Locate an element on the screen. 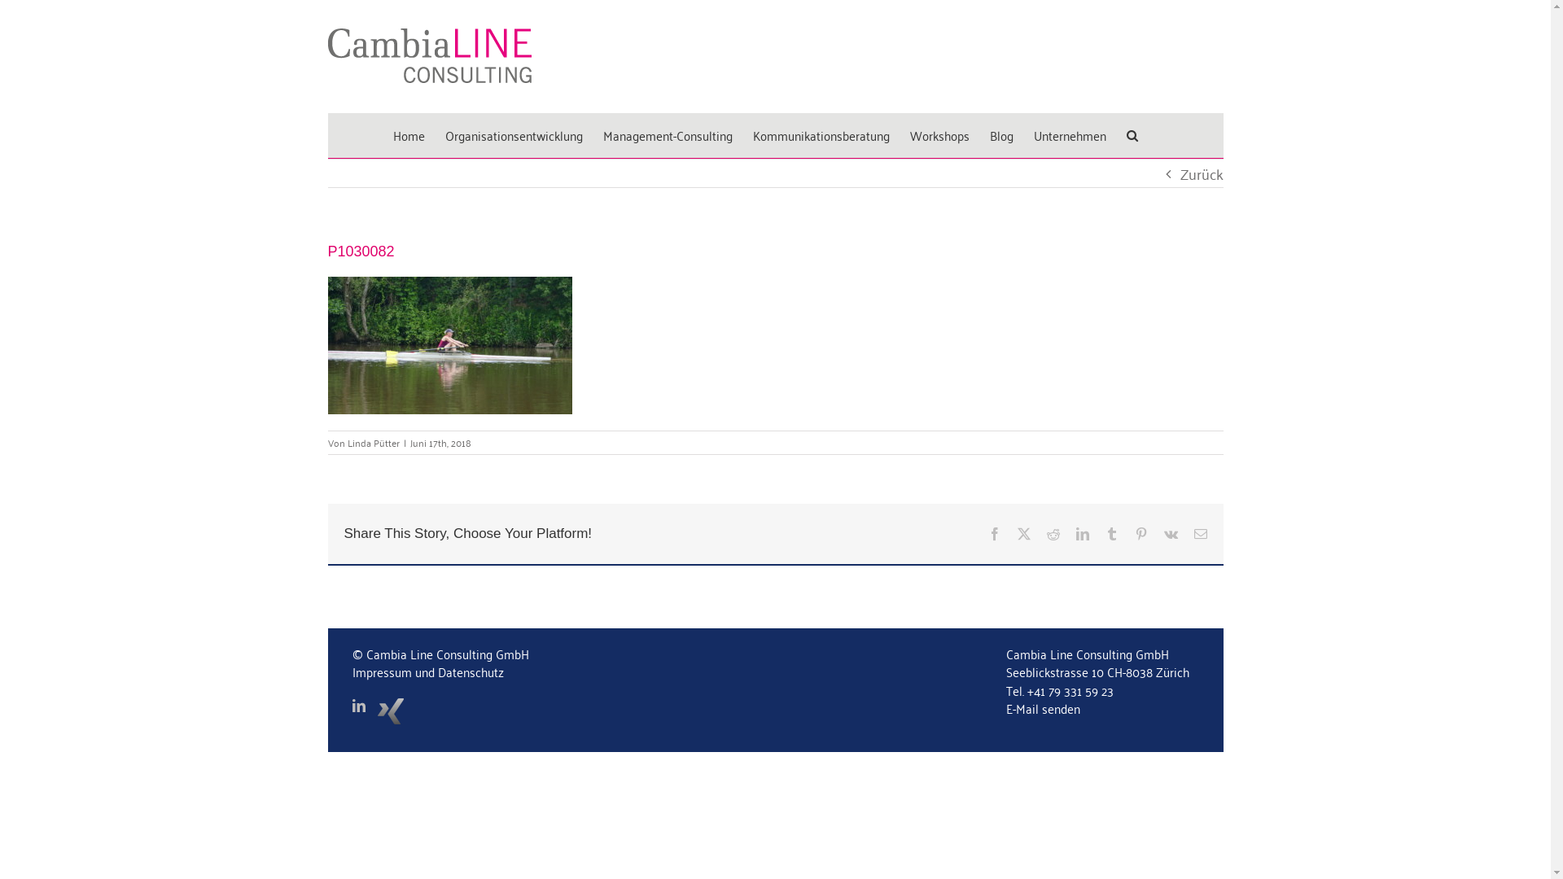 The width and height of the screenshot is (1563, 879). 'Facebook' is located at coordinates (994, 533).